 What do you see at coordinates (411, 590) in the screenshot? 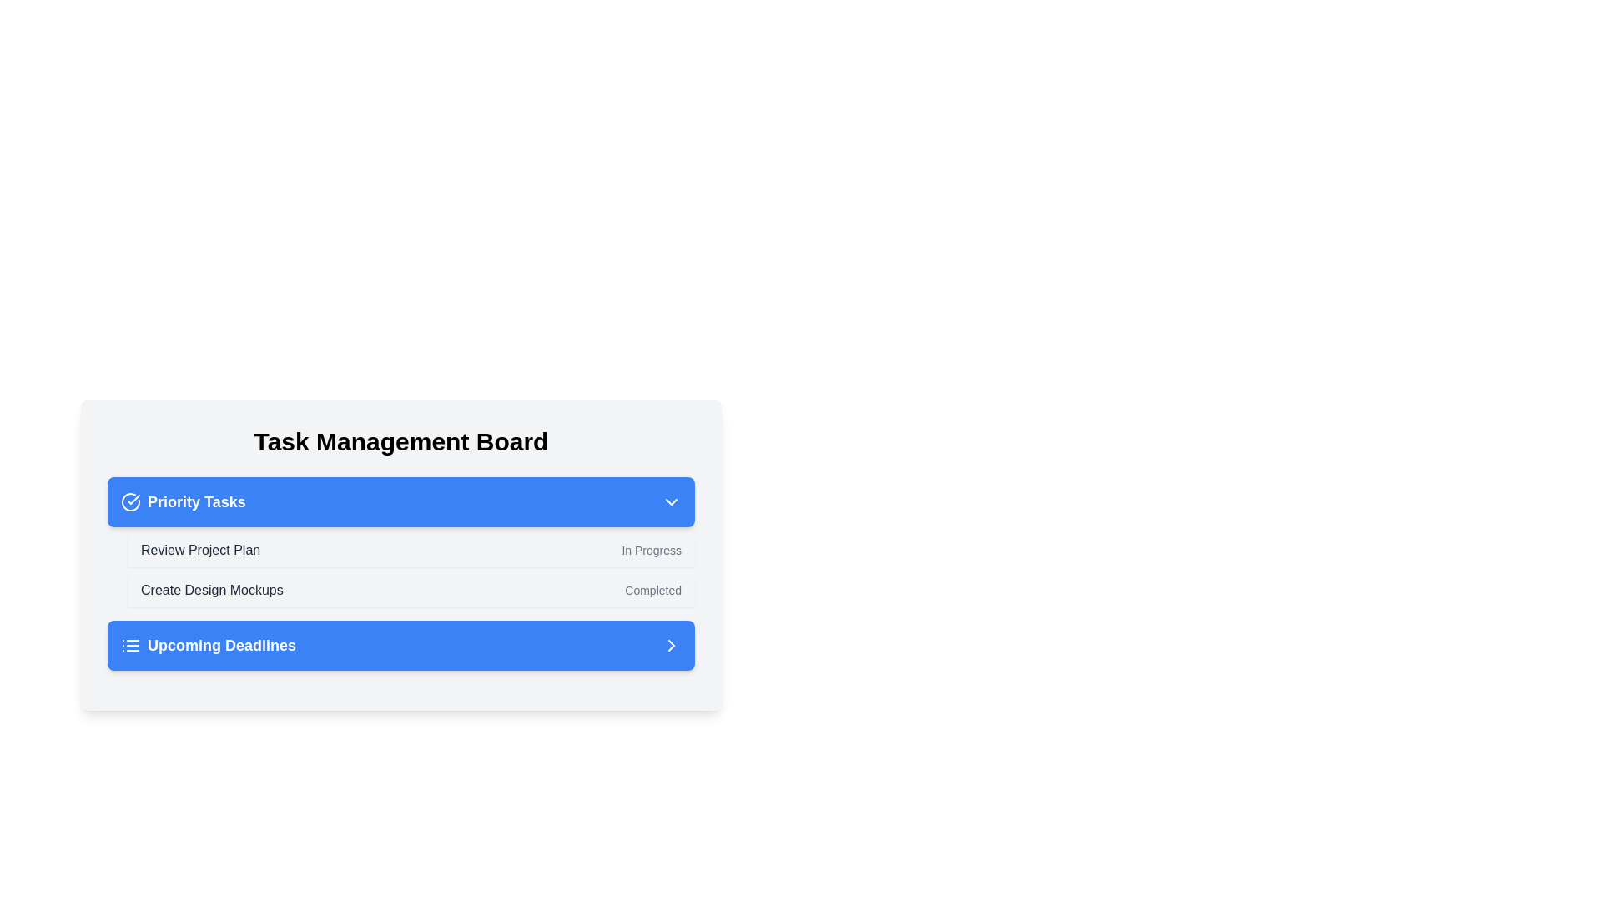
I see `the second task row displaying 'Create Design Mockups' with status 'Completed'` at bounding box center [411, 590].